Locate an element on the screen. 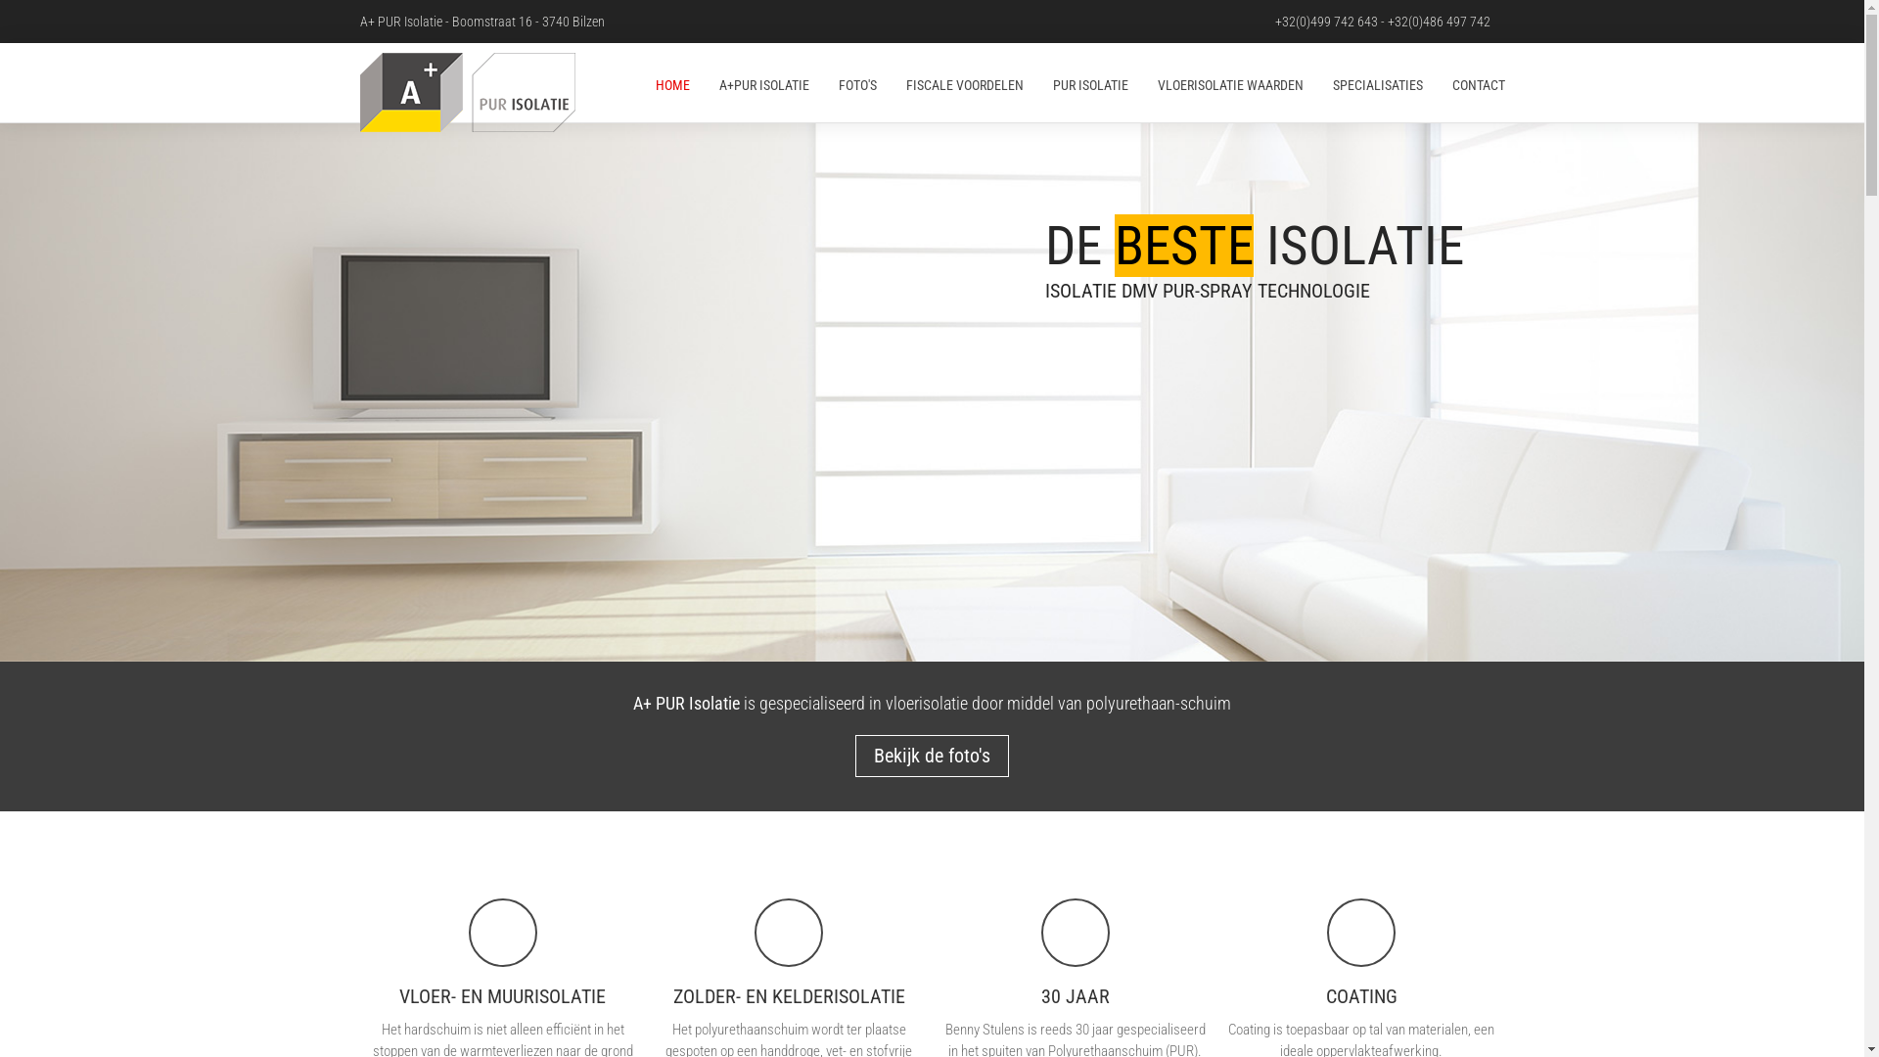 The height and width of the screenshot is (1057, 1879). 'CONTACT' is located at coordinates (1470, 81).